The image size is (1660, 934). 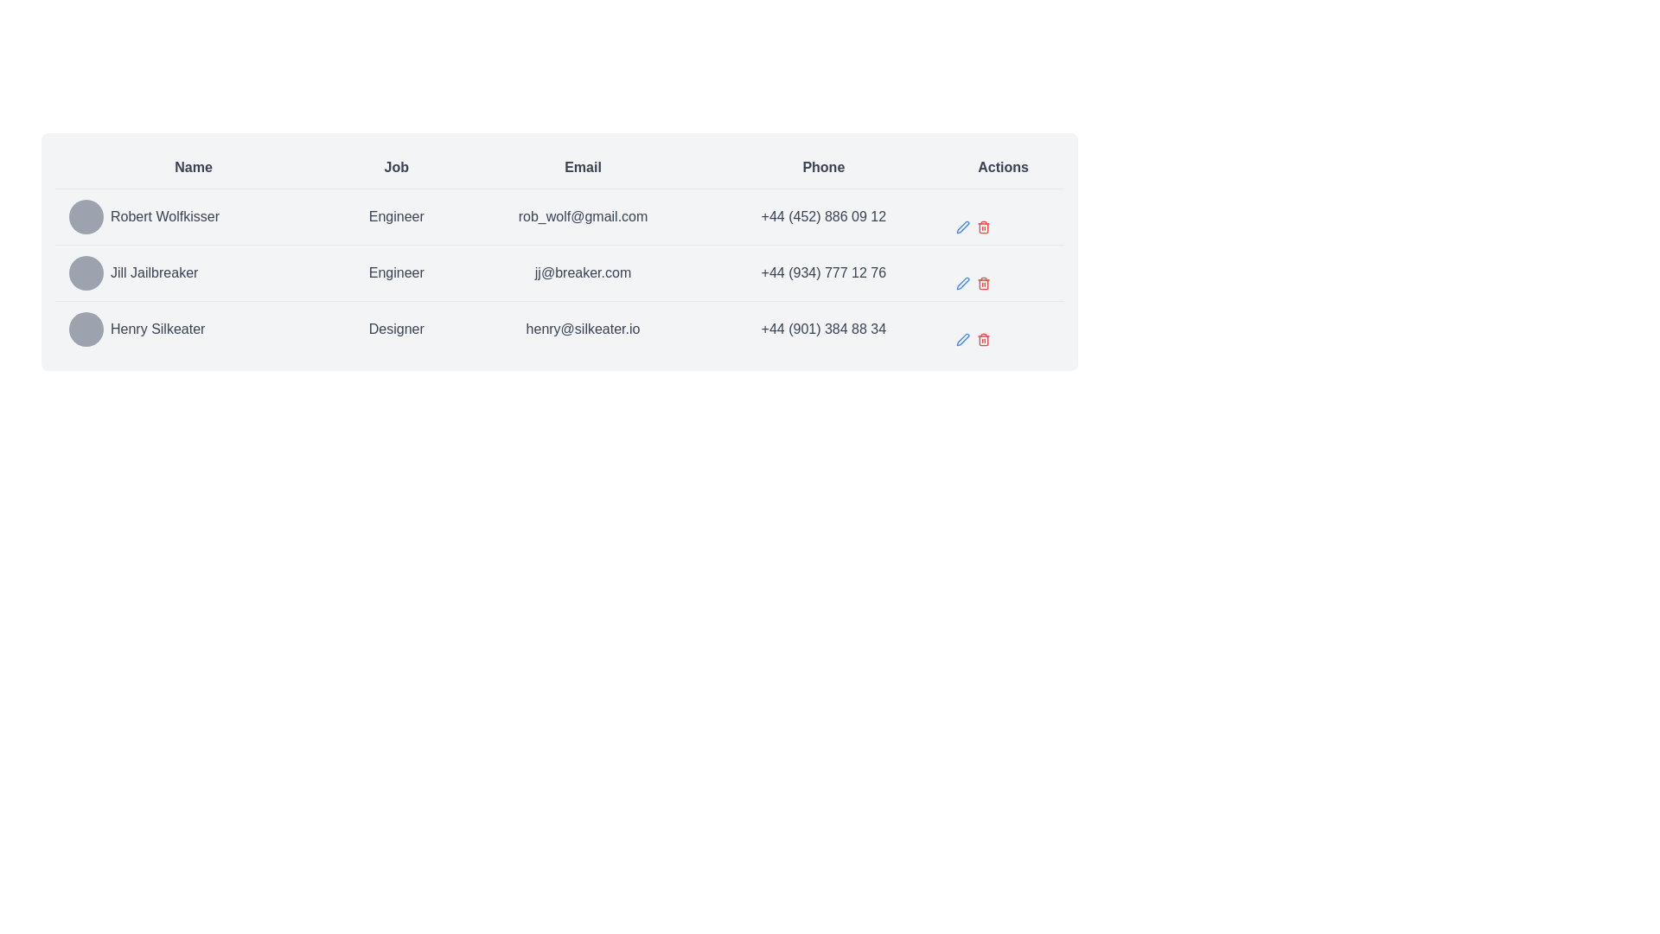 What do you see at coordinates (1003, 168) in the screenshot?
I see `the 'Actions' text label, which is styled in a bold font, located at the right side of the table header row, adjacent to the 'Phone' header` at bounding box center [1003, 168].